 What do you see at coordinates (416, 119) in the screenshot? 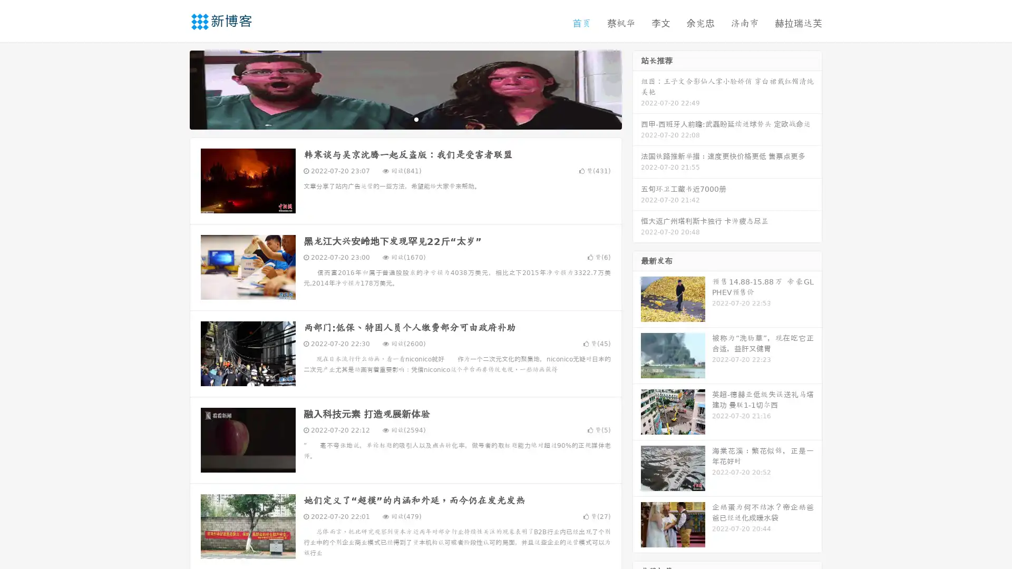
I see `Go to slide 3` at bounding box center [416, 119].